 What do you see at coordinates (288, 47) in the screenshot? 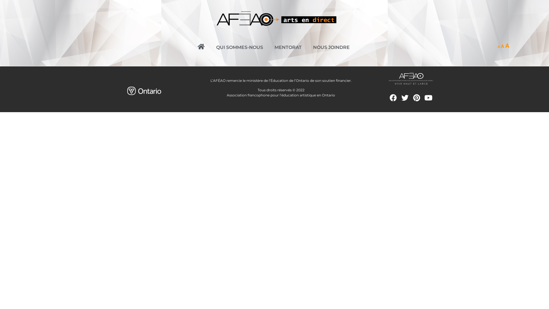
I see `'MENTORAT'` at bounding box center [288, 47].